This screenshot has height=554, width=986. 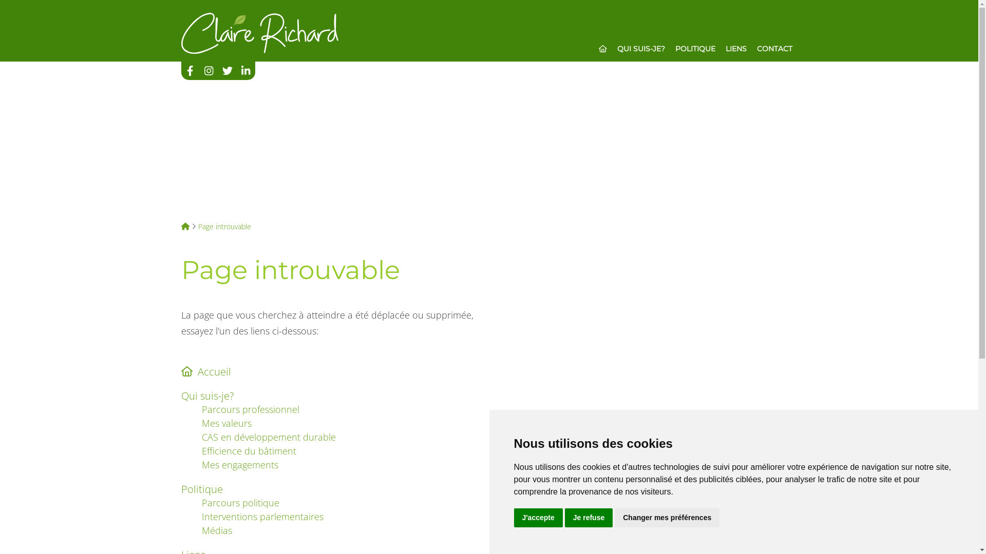 I want to click on 'Mes engagements', so click(x=239, y=465).